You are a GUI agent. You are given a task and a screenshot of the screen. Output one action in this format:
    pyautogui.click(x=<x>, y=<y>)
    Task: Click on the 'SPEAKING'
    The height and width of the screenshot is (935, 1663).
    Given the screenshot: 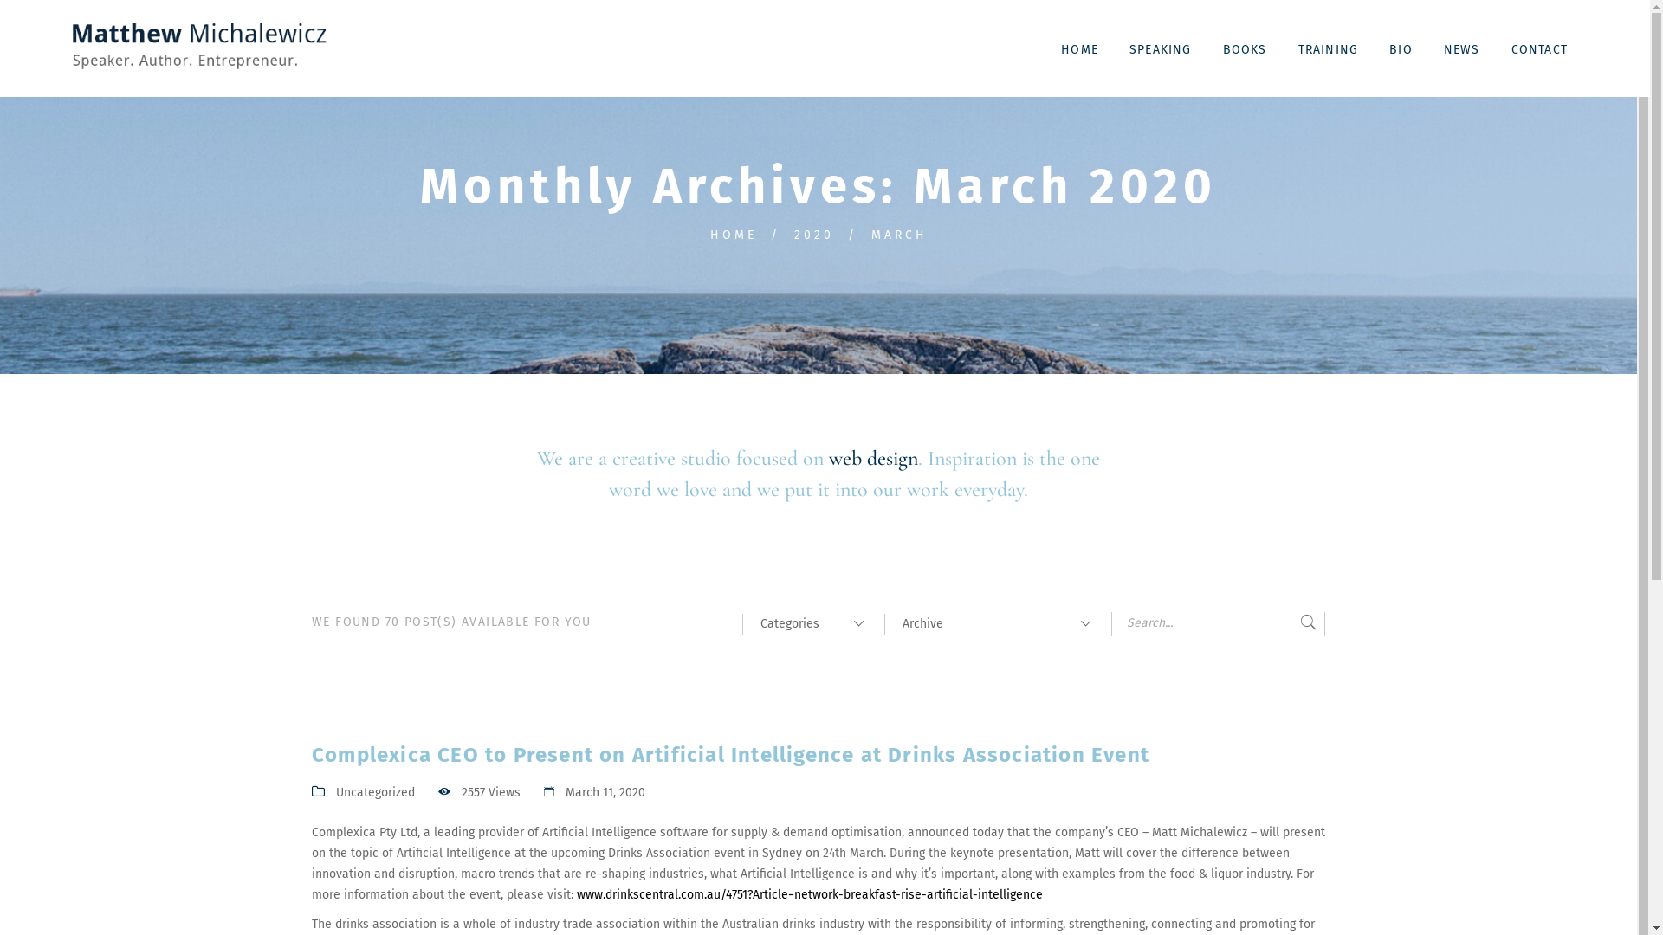 What is the action you would take?
    pyautogui.click(x=1115, y=47)
    